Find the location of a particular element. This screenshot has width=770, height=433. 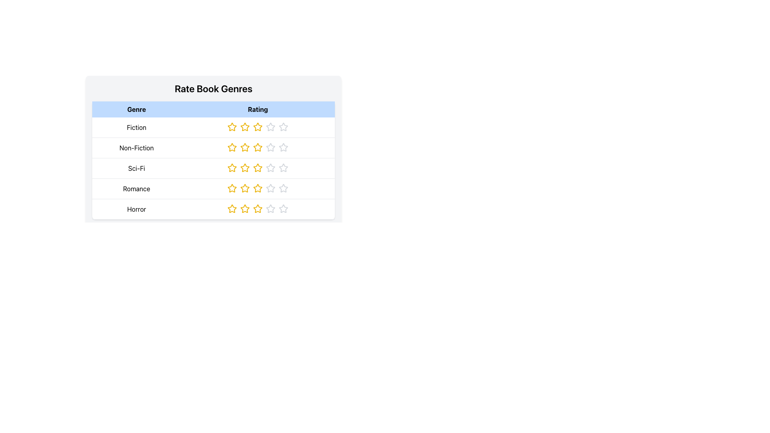

the third star icon in the row of five stars under the 'Fiction' genre to assign a rating is located at coordinates (258, 126).